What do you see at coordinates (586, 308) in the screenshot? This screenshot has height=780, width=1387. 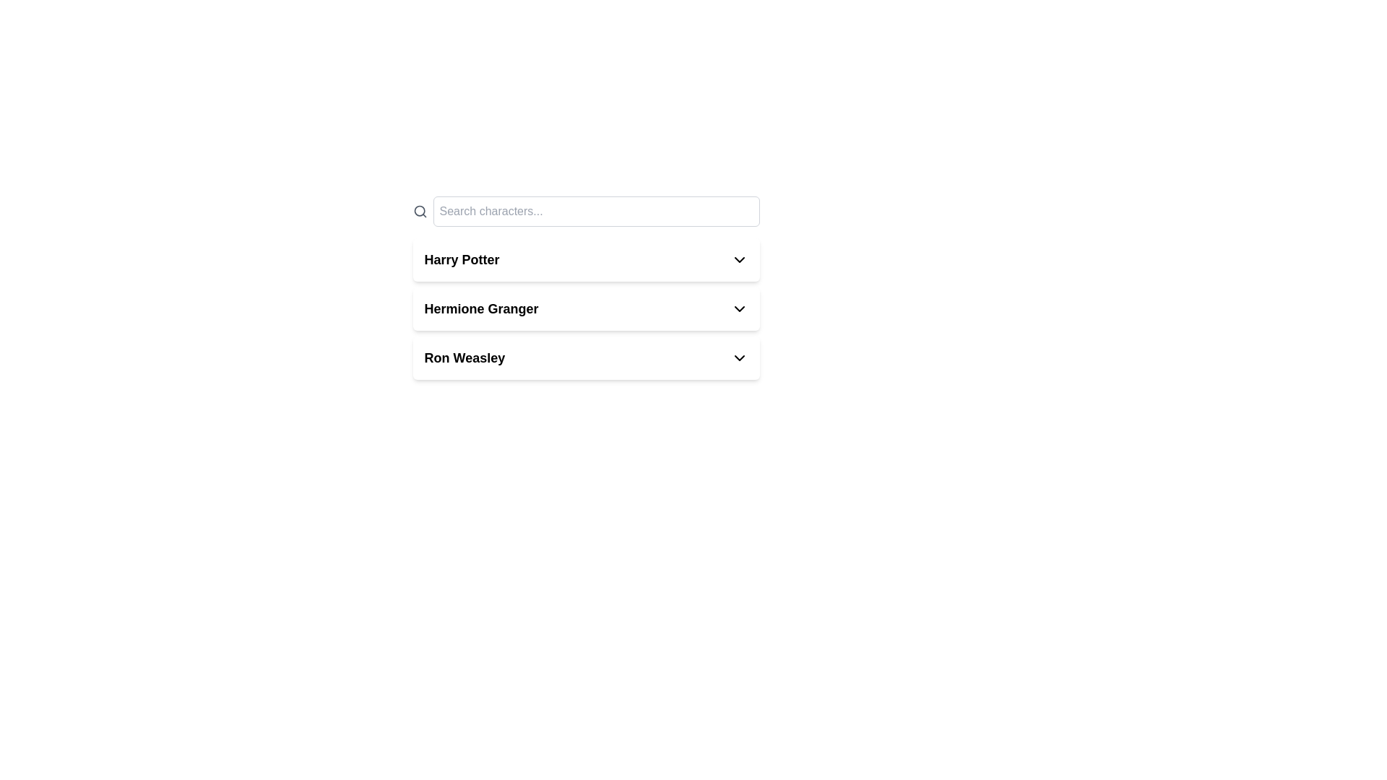 I see `the list item labeled 'Hermione Granger' with a dropdown arrow` at bounding box center [586, 308].